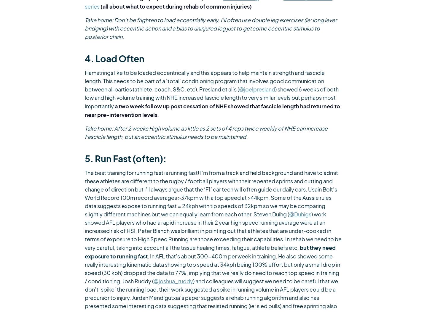 The height and width of the screenshot is (312, 427). Describe the element at coordinates (210, 252) in the screenshot. I see `'but they need exposure to running fast'` at that location.